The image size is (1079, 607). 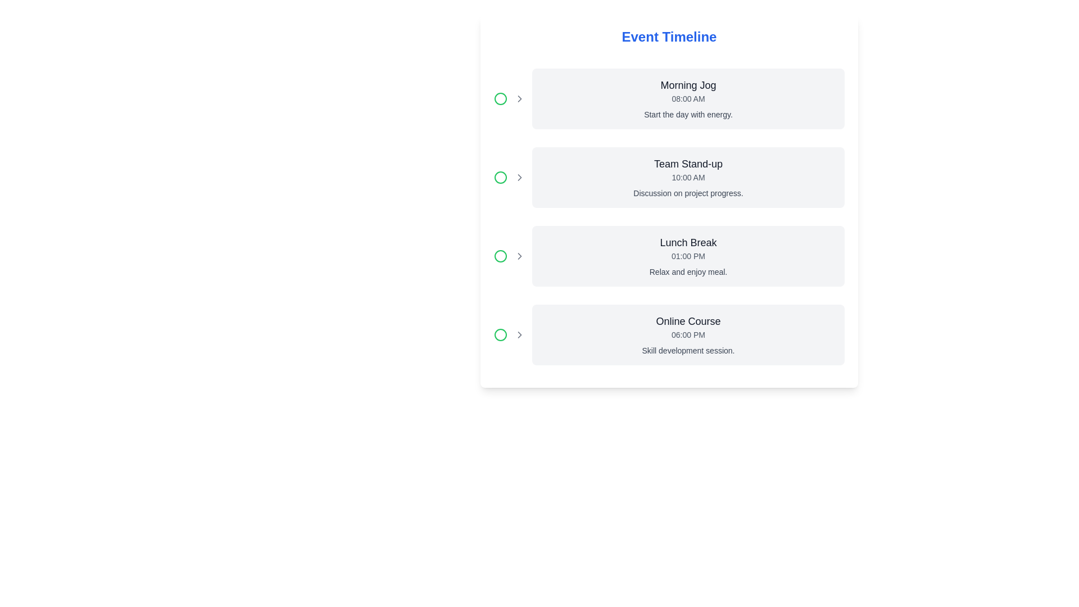 What do you see at coordinates (687, 271) in the screenshot?
I see `the descriptive text label for the event 'Lunch Break'` at bounding box center [687, 271].